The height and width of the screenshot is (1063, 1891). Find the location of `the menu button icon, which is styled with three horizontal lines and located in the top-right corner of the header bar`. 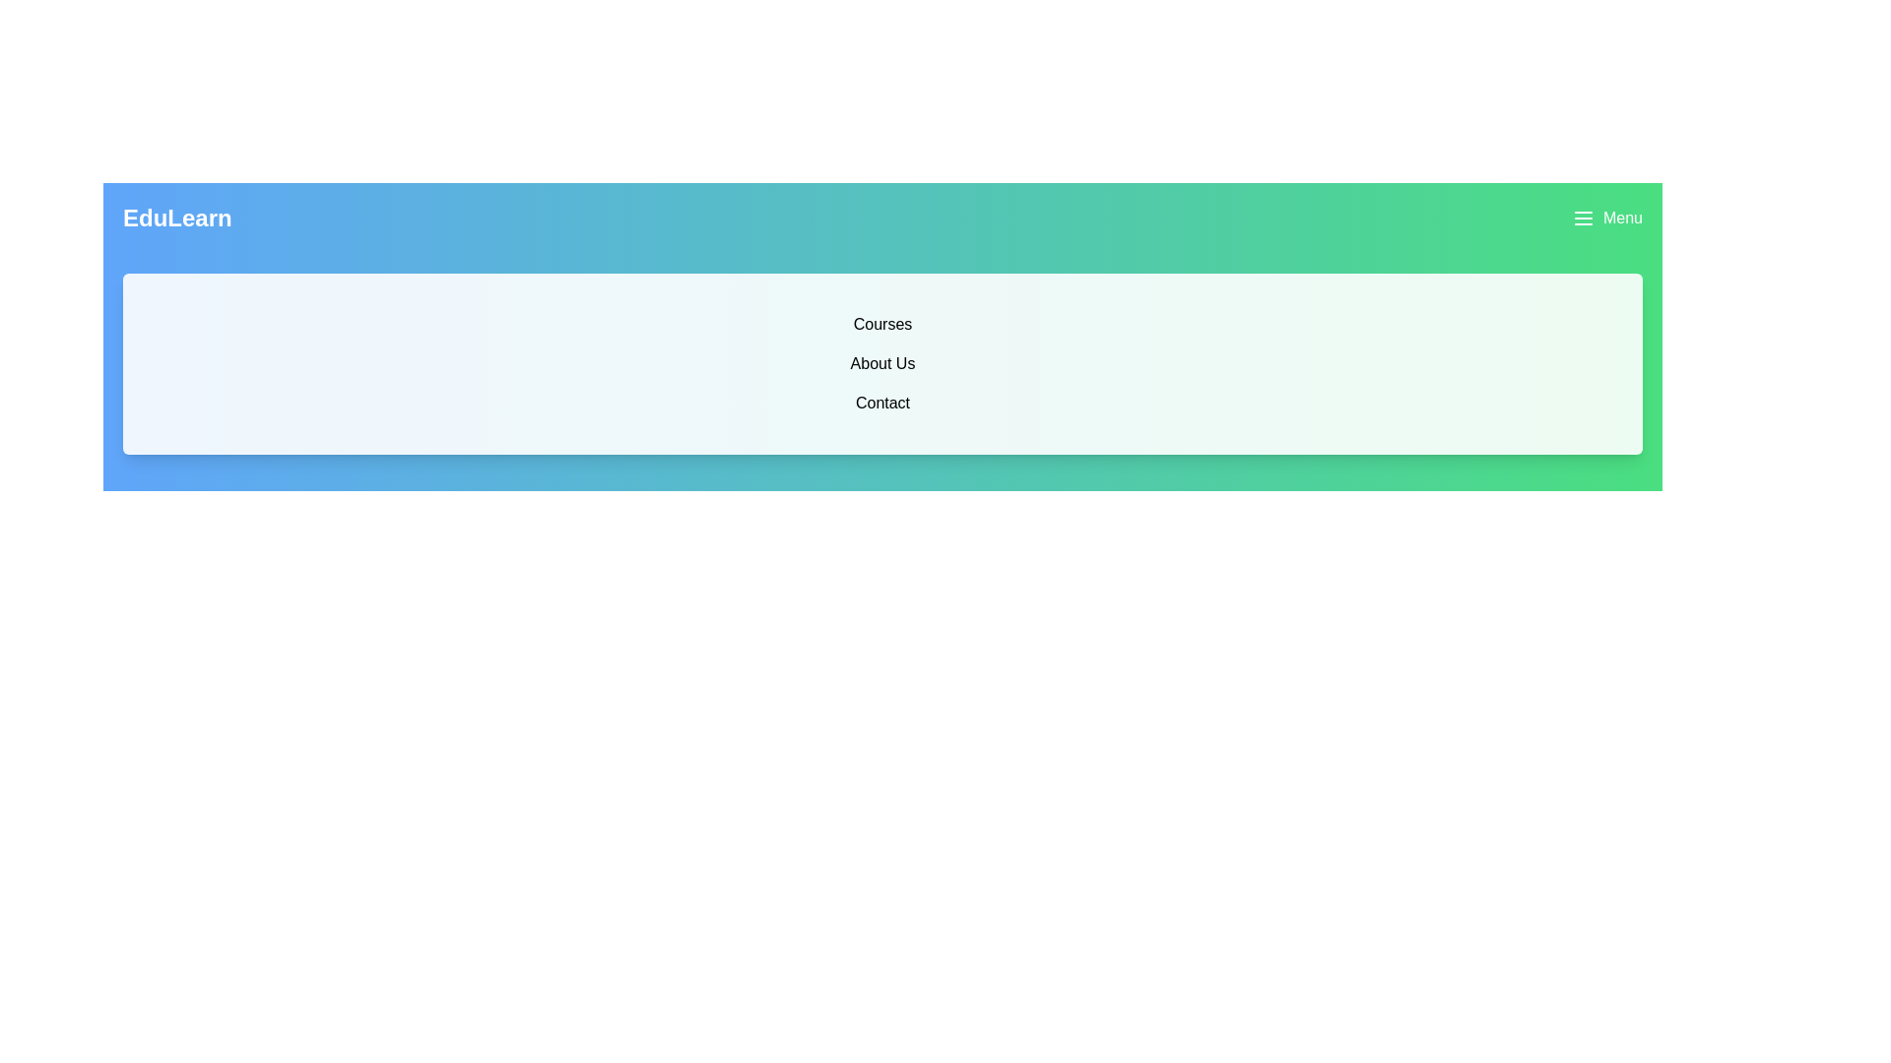

the menu button icon, which is styled with three horizontal lines and located in the top-right corner of the header bar is located at coordinates (1584, 219).